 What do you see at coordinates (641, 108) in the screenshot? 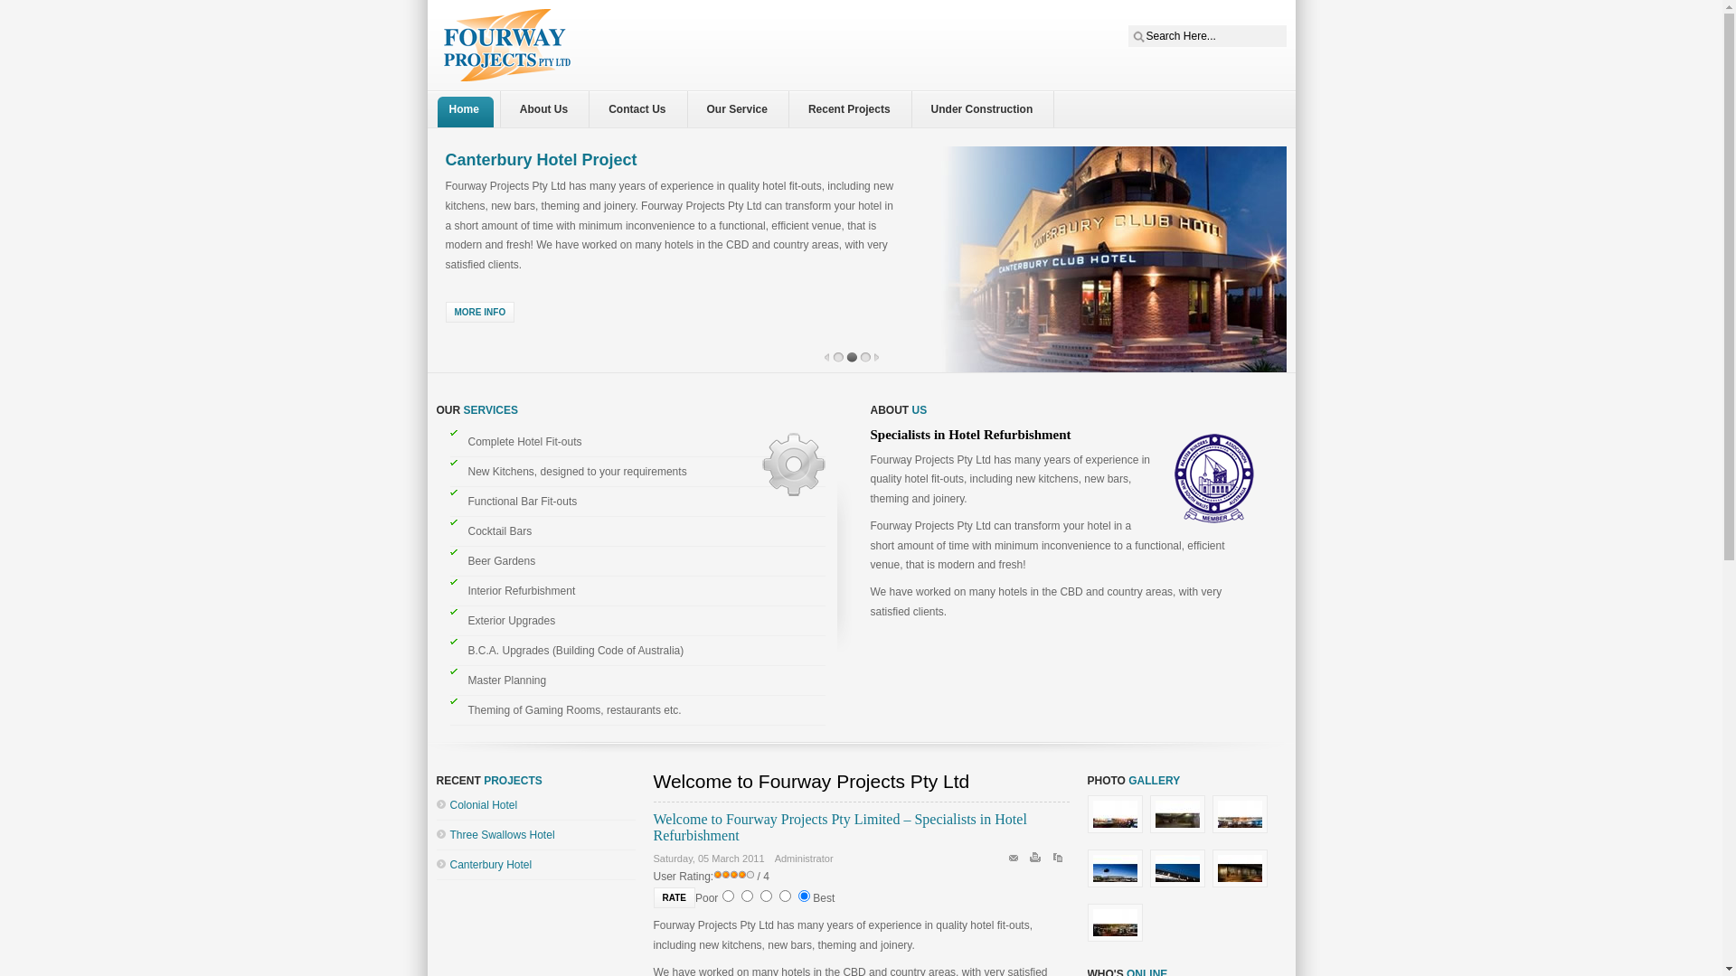
I see `'Contact Us'` at bounding box center [641, 108].